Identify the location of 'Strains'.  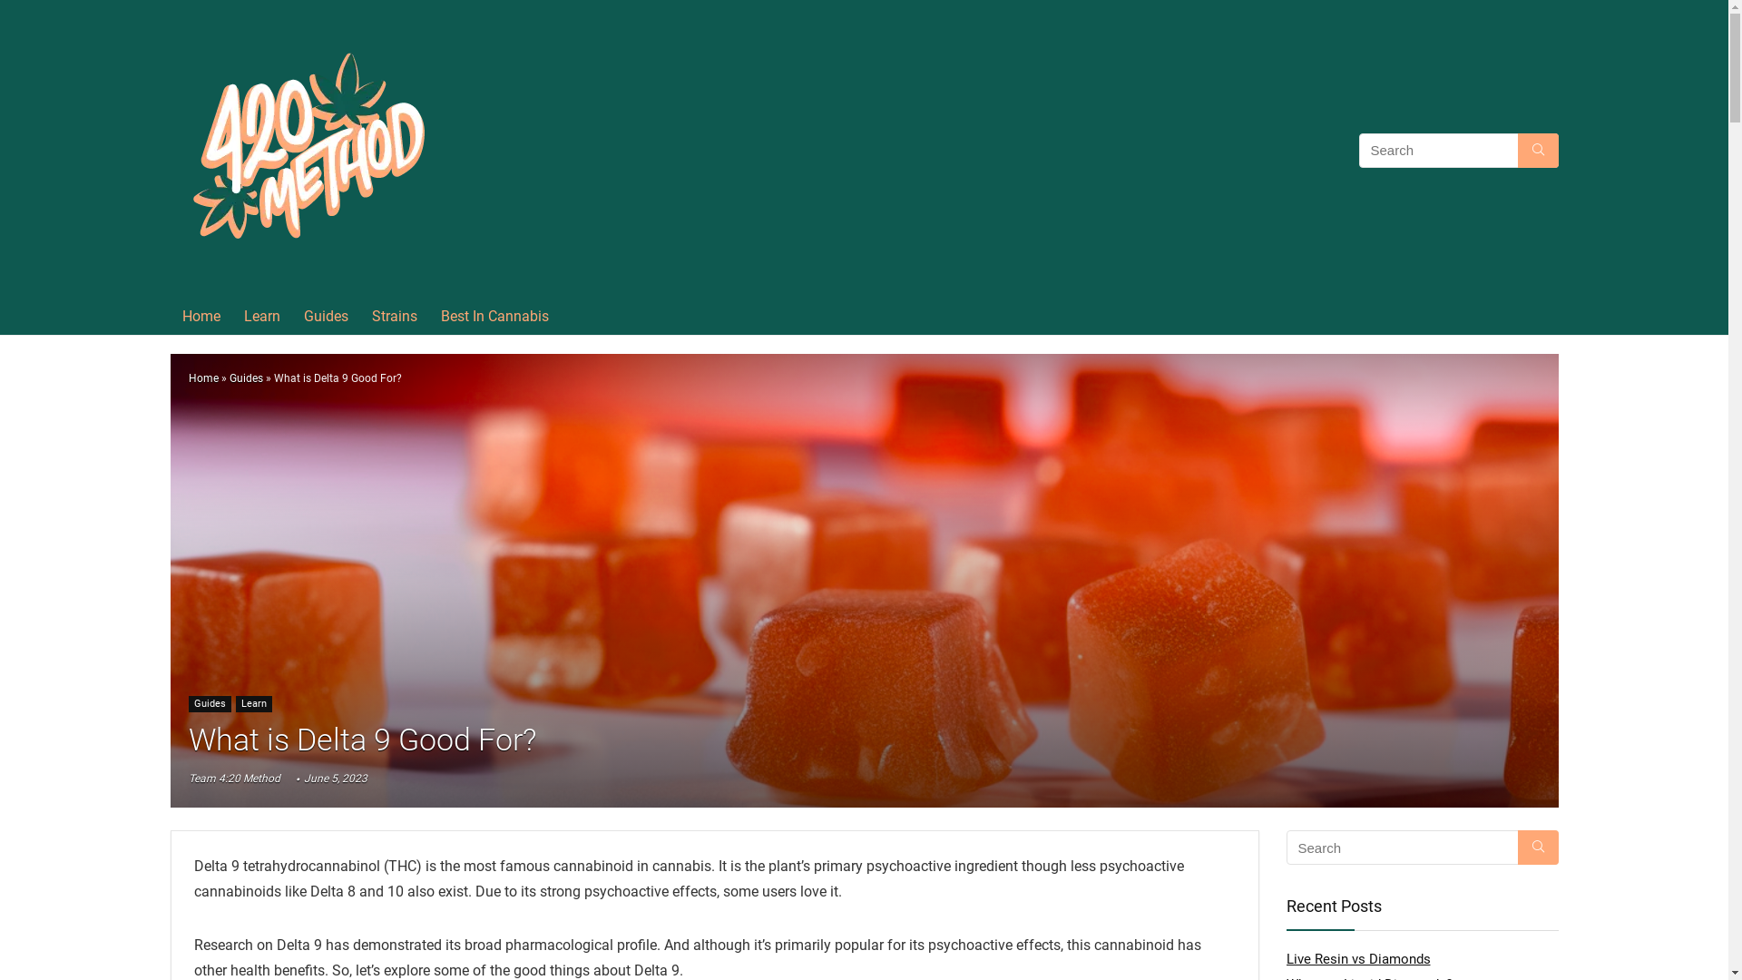
(392, 317).